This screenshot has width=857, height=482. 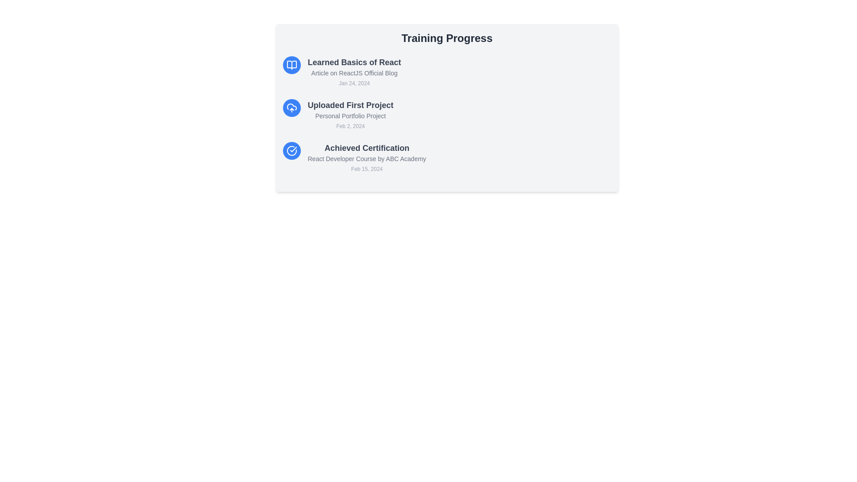 What do you see at coordinates (447, 115) in the screenshot?
I see `the second list item in the training progress tracker that displays the log of uploading a first project` at bounding box center [447, 115].